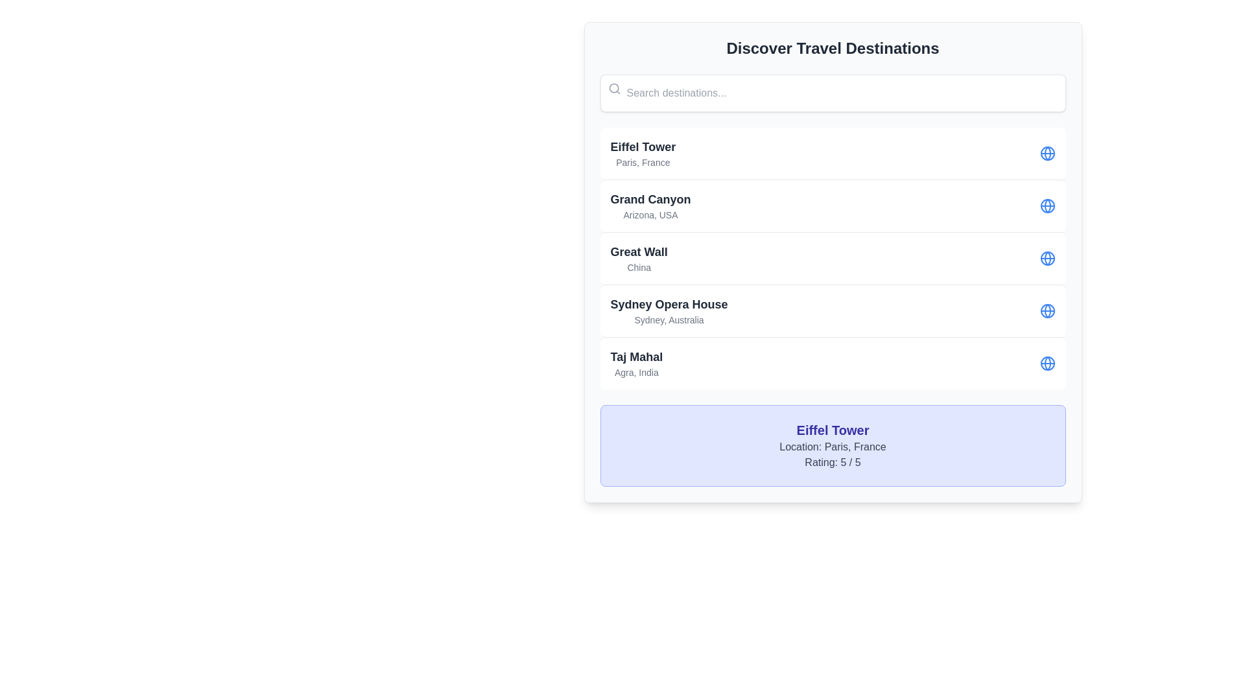 This screenshot has height=700, width=1245. What do you see at coordinates (650, 205) in the screenshot?
I see `the Text label displaying the travel destination 'Grand Canyon', which is the second item in a vertical list of travel destinations` at bounding box center [650, 205].